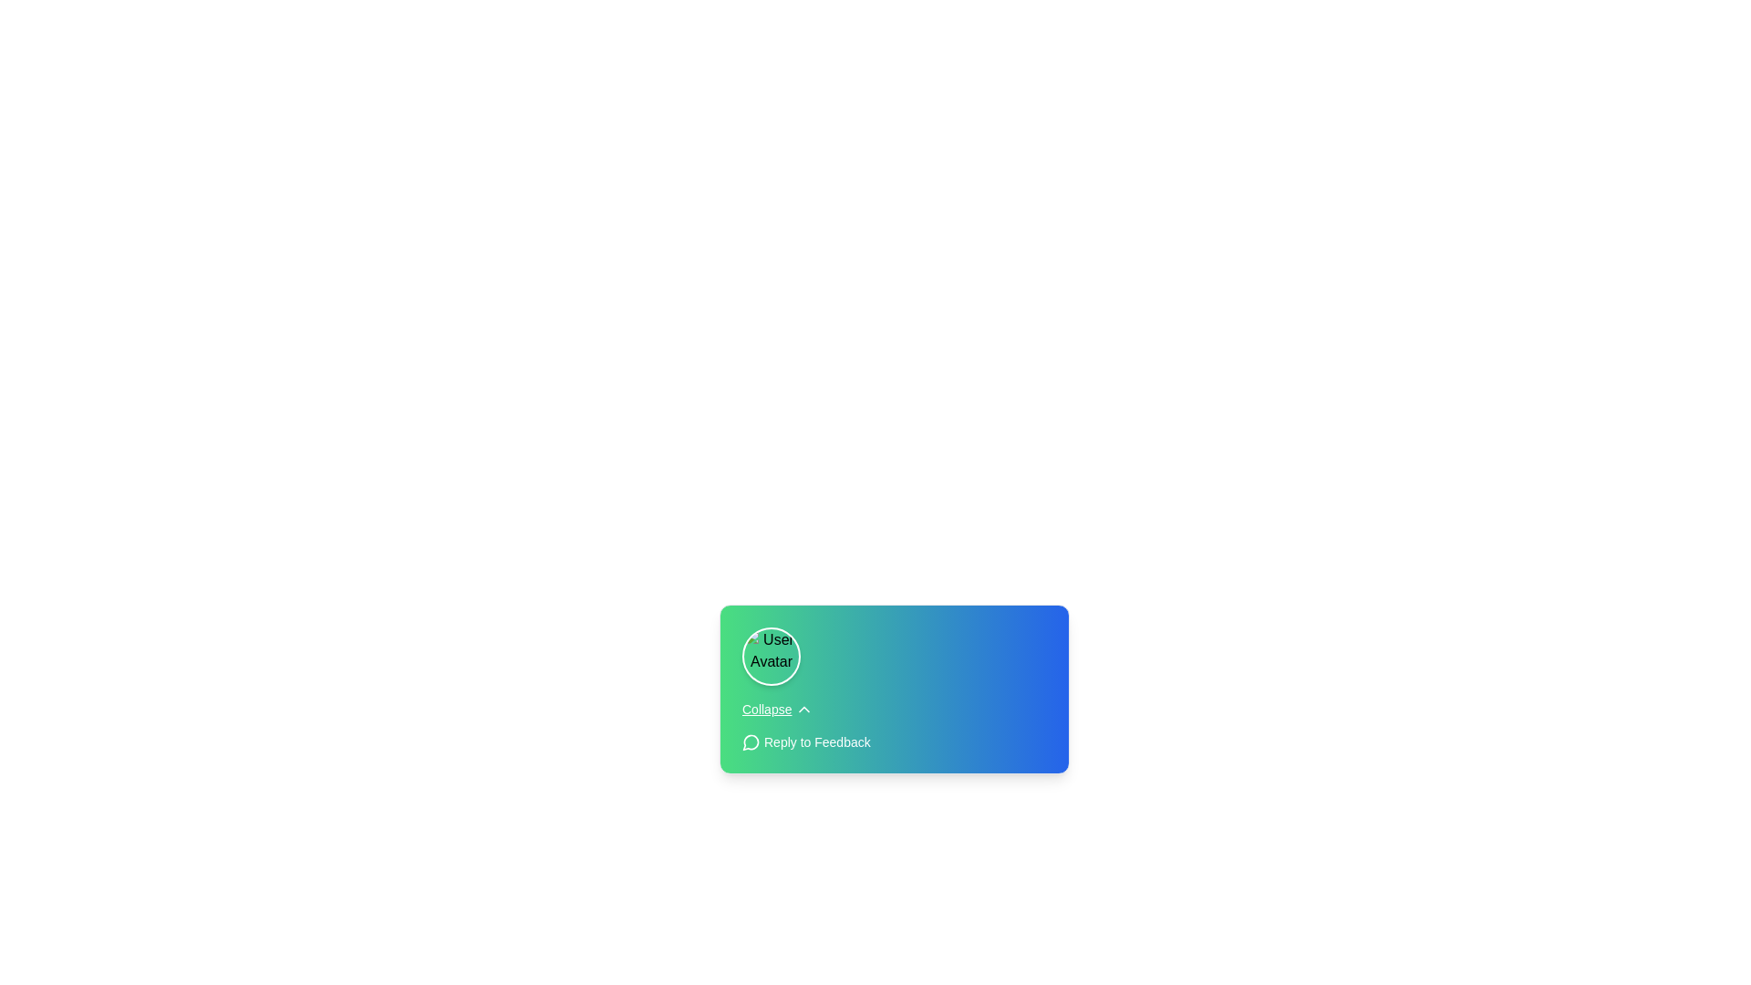  I want to click on the upward-facing chevron icon located immediately to the right of the 'Collapse' text label, so click(803, 709).